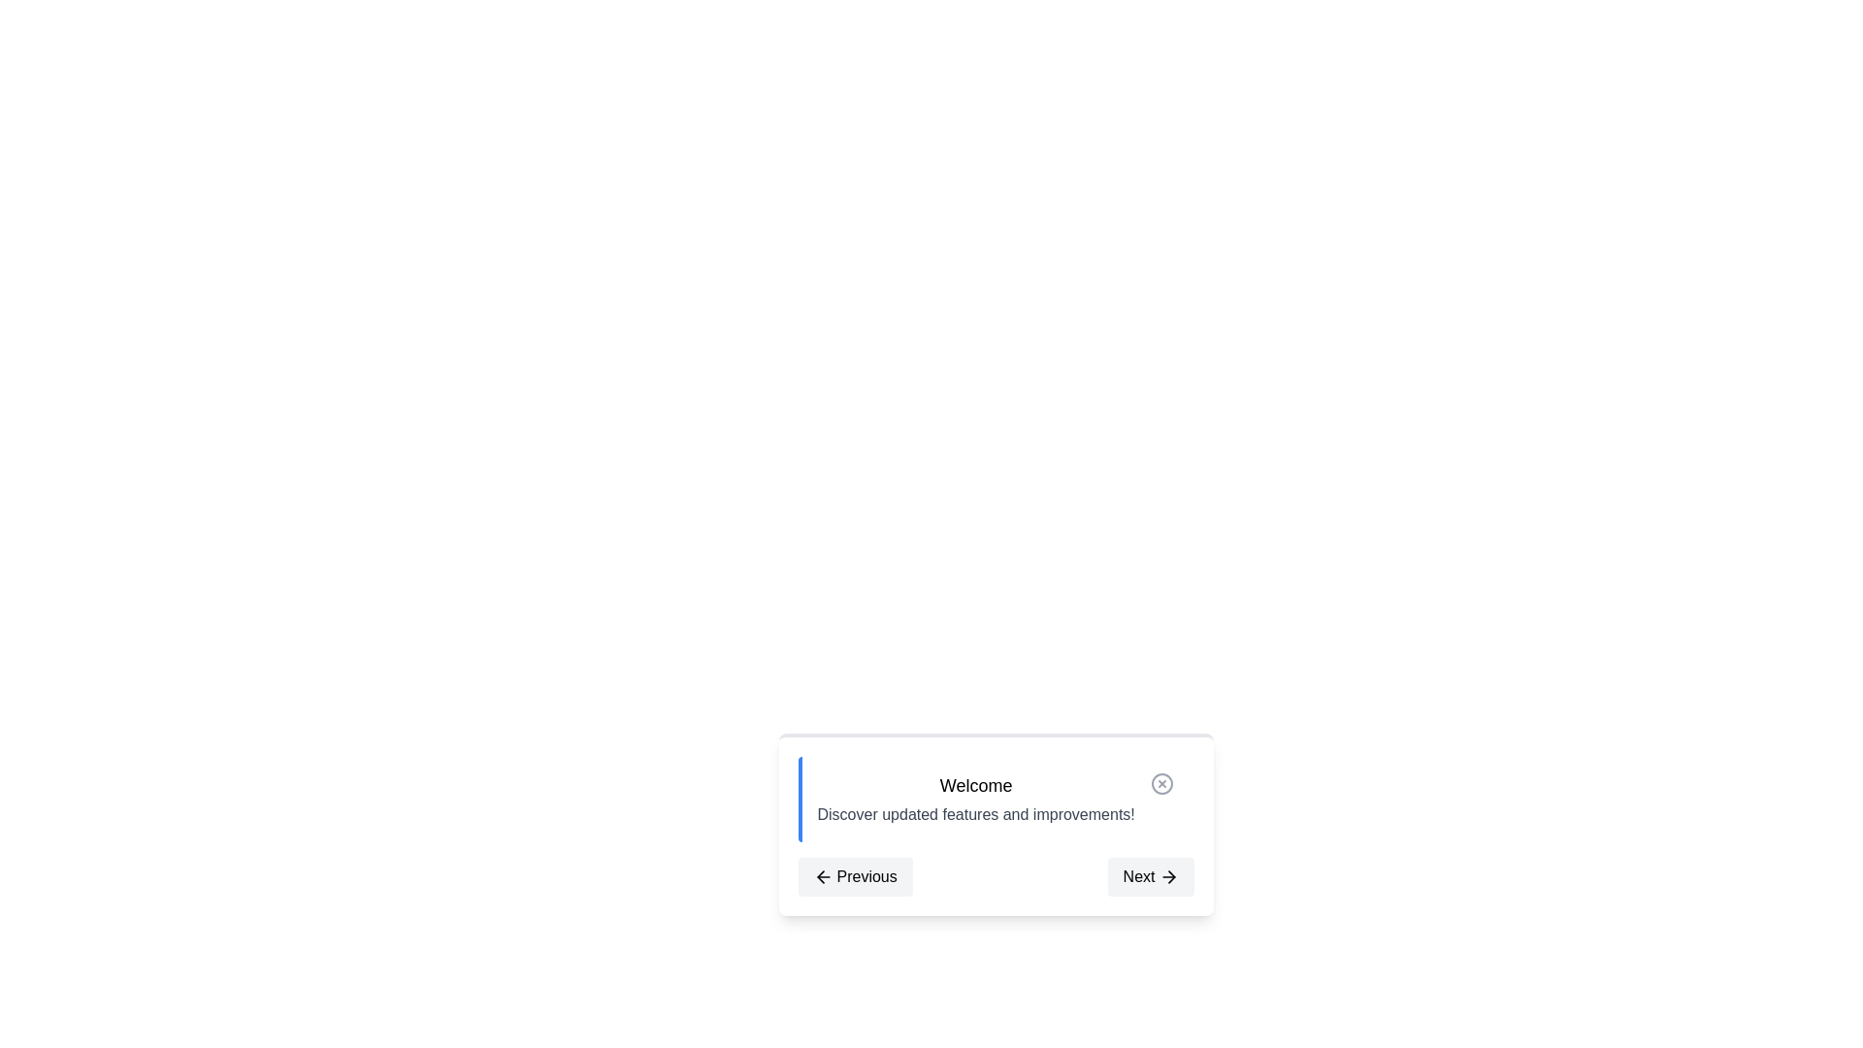 This screenshot has width=1863, height=1048. Describe the element at coordinates (976, 815) in the screenshot. I see `the text display element that says 'Discover updated features and improvements!' which is styled in gray and located below the 'Welcome' header within a card-like interface` at that location.